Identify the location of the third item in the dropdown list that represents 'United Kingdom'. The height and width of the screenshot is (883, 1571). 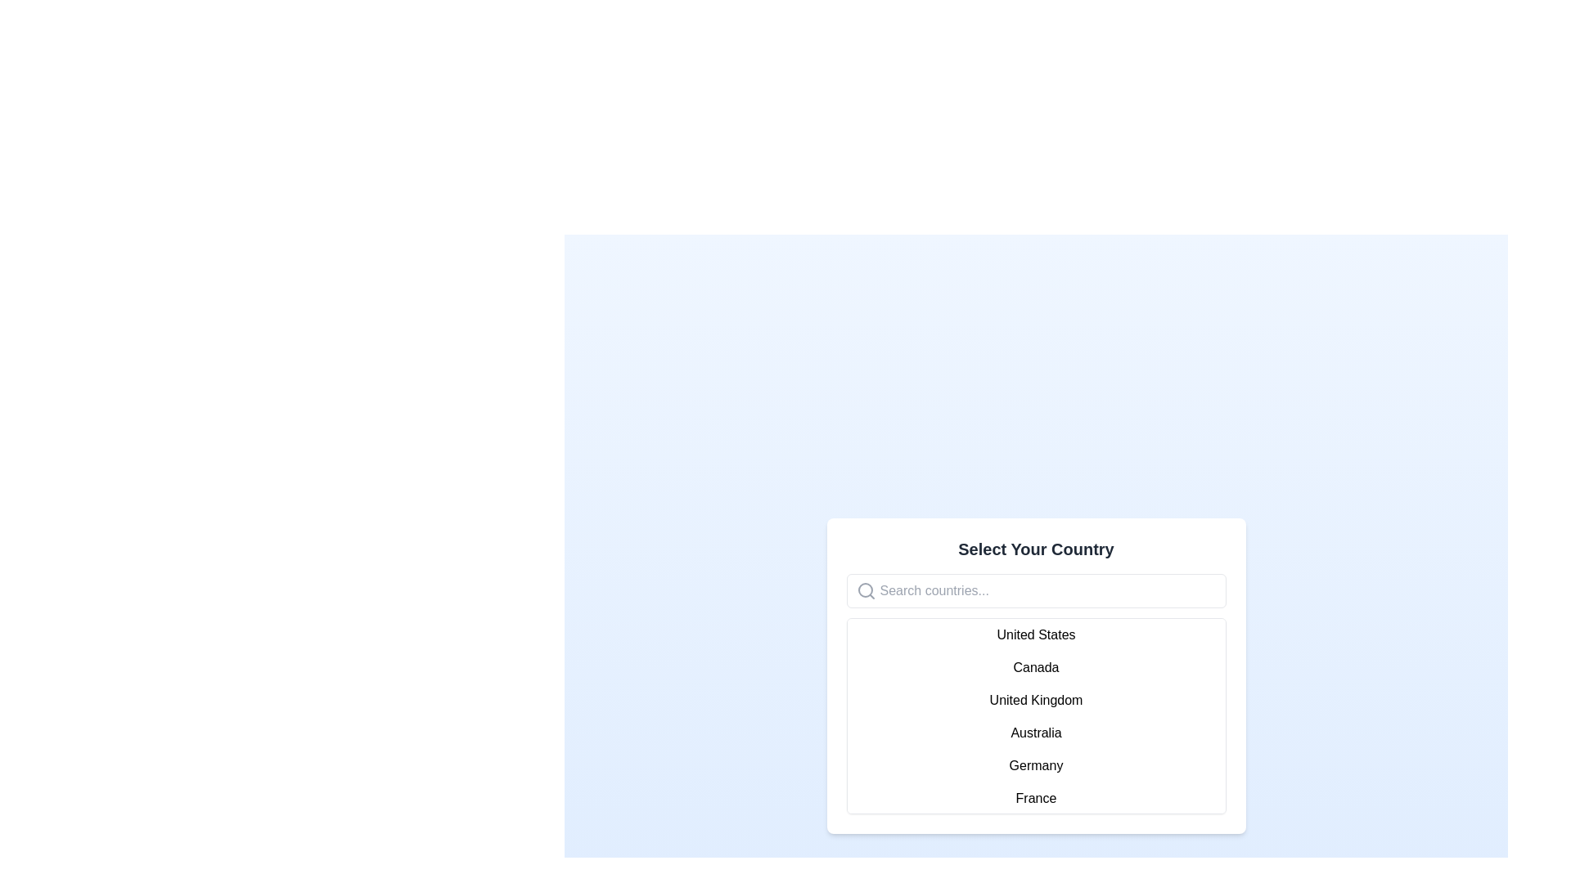
(1035, 699).